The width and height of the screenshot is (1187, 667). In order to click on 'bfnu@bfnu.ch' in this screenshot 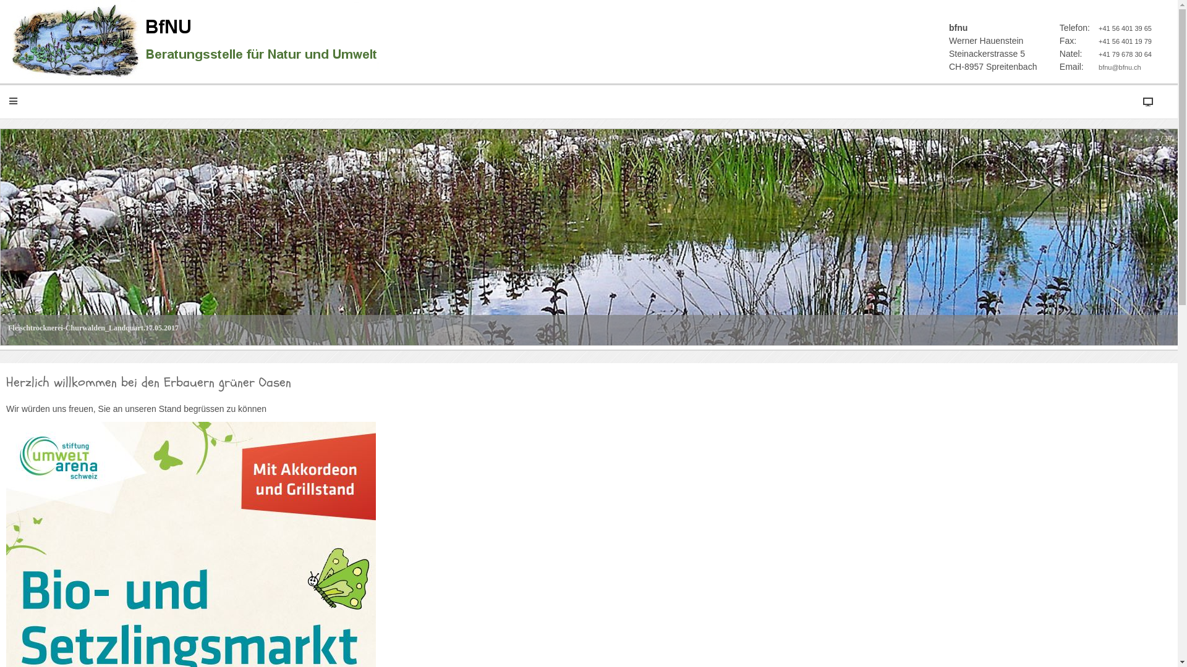, I will do `click(1098, 67)`.